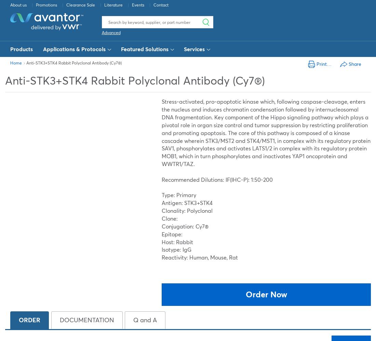  What do you see at coordinates (113, 5) in the screenshot?
I see `'Literature'` at bounding box center [113, 5].